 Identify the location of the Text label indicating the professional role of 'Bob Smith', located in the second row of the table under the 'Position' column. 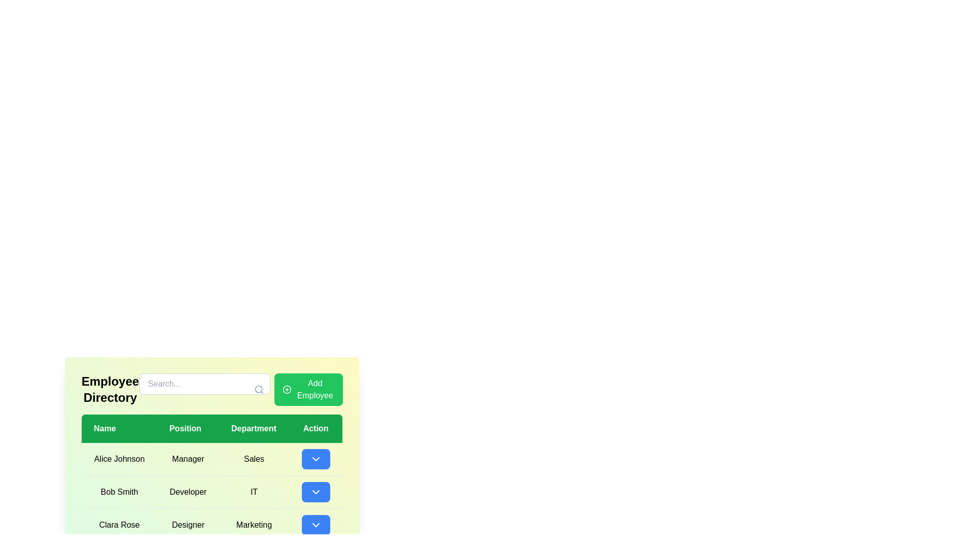
(188, 491).